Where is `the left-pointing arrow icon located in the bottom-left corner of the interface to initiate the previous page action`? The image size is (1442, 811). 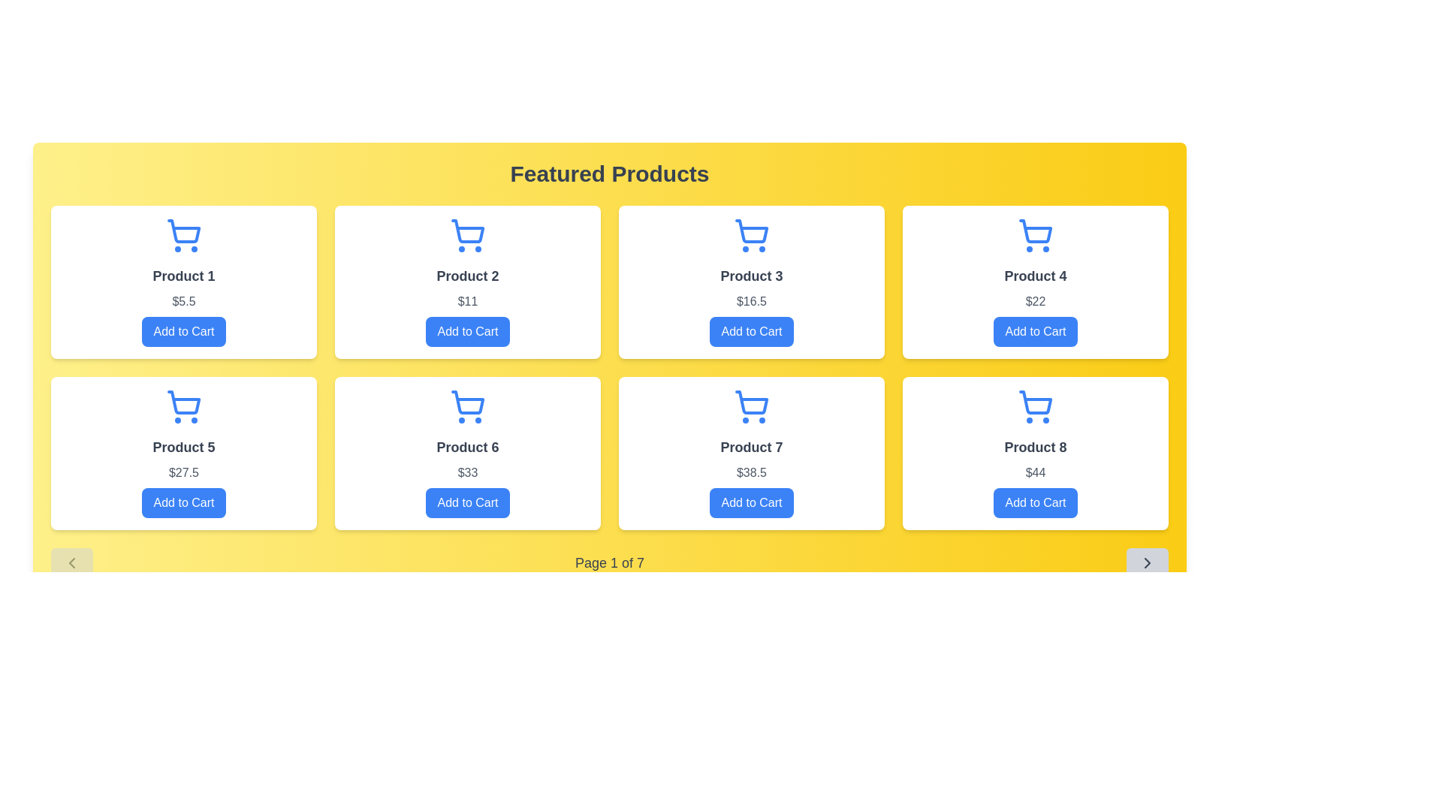
the left-pointing arrow icon located in the bottom-left corner of the interface to initiate the previous page action is located at coordinates (71, 562).